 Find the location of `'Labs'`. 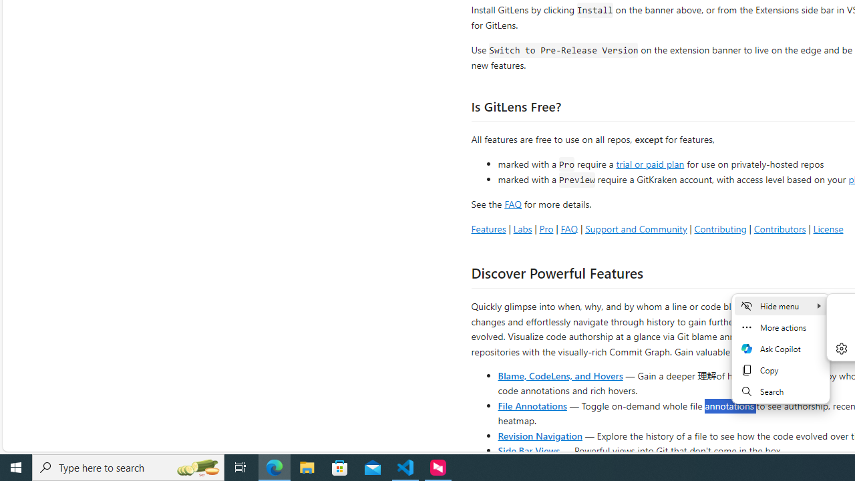

'Labs' is located at coordinates (522, 228).